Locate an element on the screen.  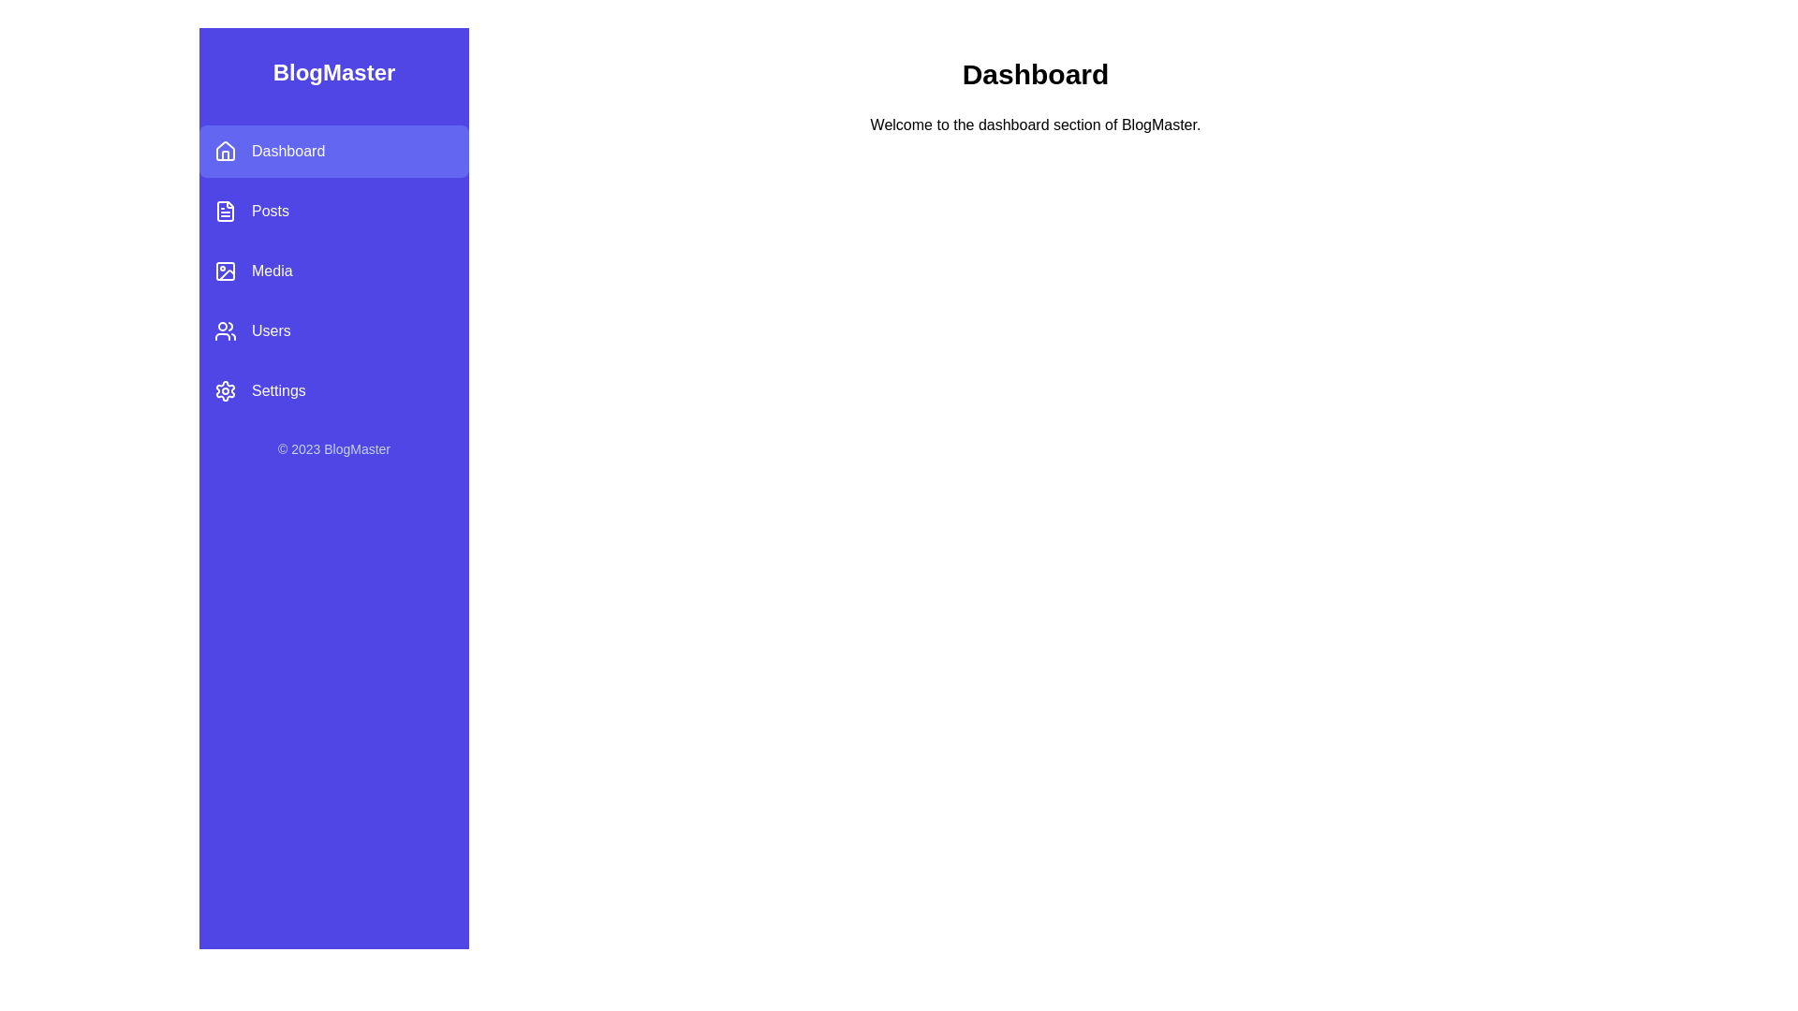
the navigation button that directs users to the Settings section, located in the sidebar beneath the 'Users' list item is located at coordinates (333, 389).